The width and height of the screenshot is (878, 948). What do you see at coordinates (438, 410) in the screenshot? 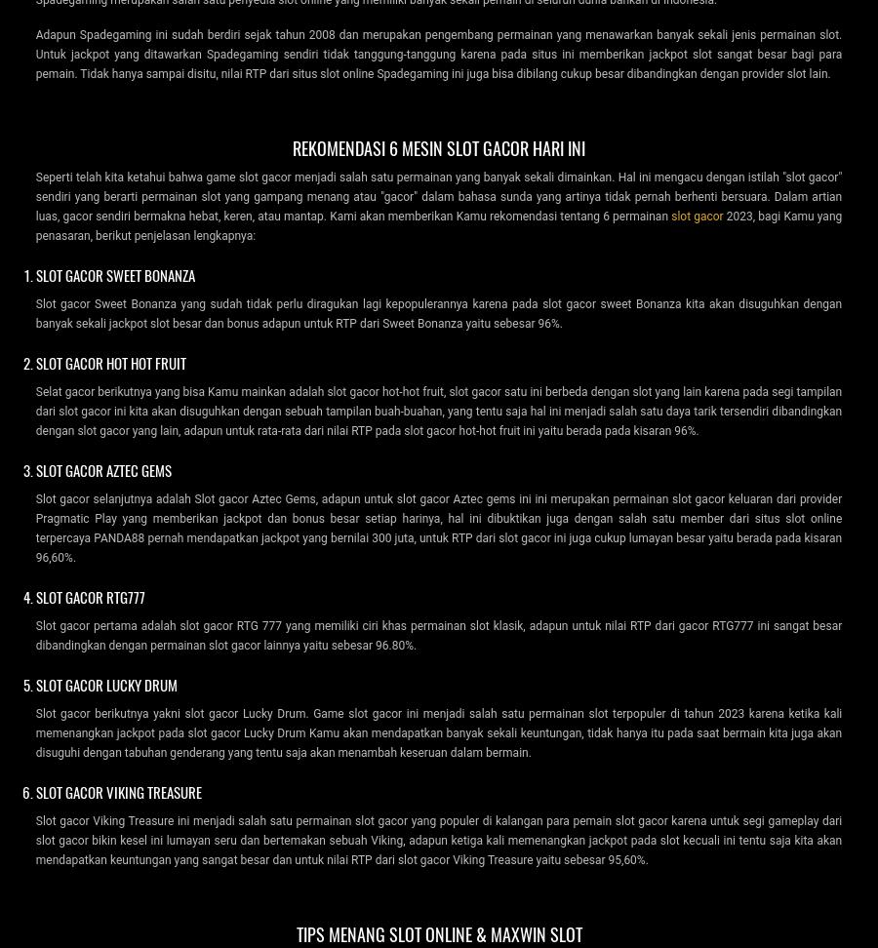
I see `'Selat gacor berikutnya yang bisa Kamu mainkan adalah slot gacor hot-hot fruit, slot gacor satu ini berbeda dengan slot yang lain karena pada segi tampilan dari slot gacor ini kita akan disuguhkan dengan sebuah tampilan buah-buahan, yang tentu saja hal ini menjadi salah satu daya tarik tersendiri dibandingkan dengan slot gacor yang lain, adapun untuk rata-rata dari nilai RTP pada slot gacor hot-hot fruit ini yaitu berada pada kisaran 96%.'` at bounding box center [438, 410].